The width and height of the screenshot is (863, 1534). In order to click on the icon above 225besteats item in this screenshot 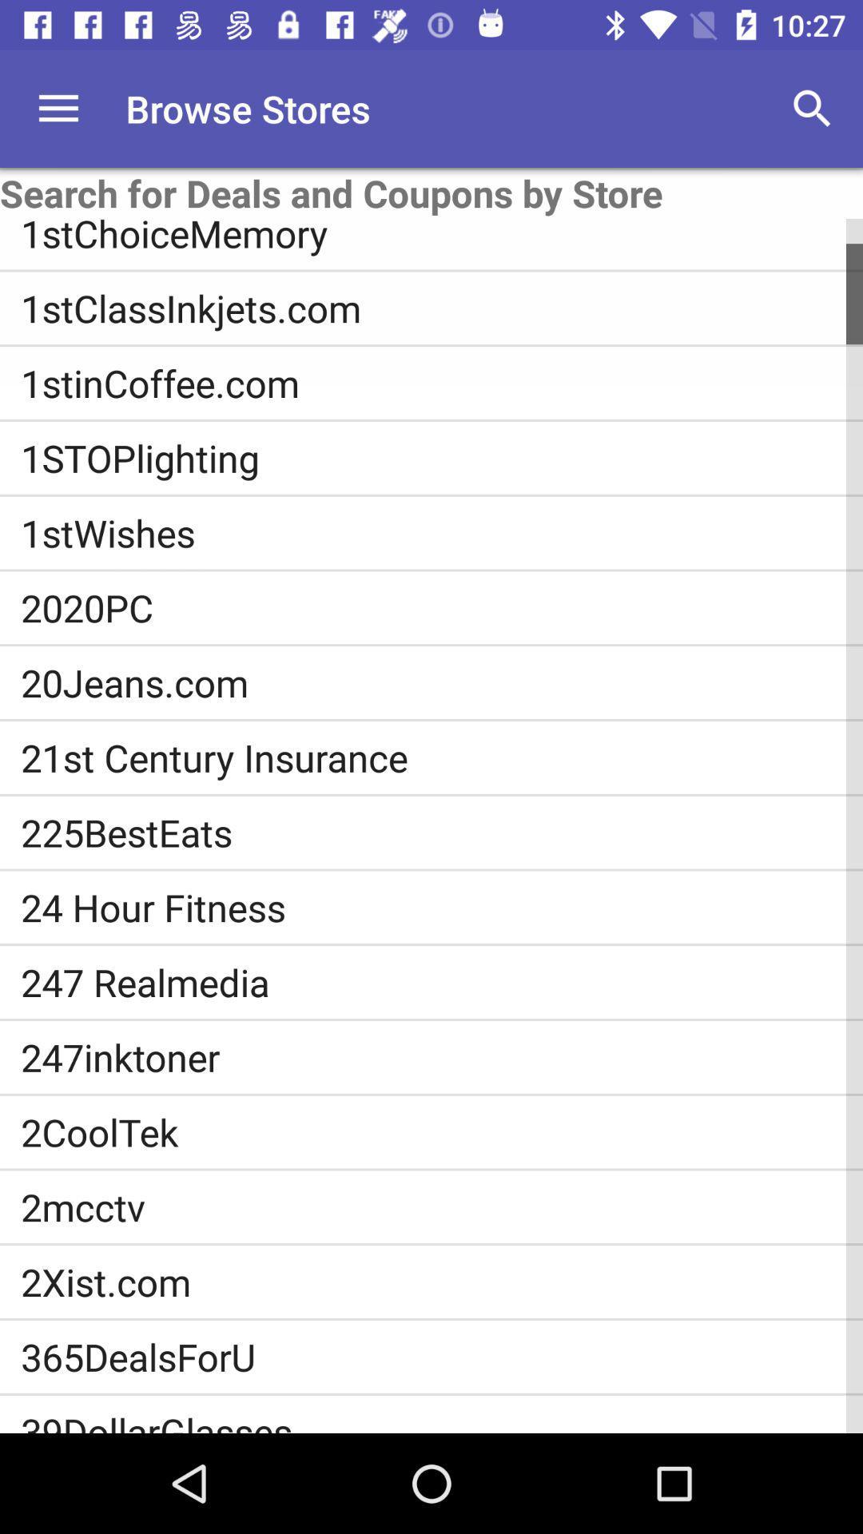, I will do `click(442, 757)`.